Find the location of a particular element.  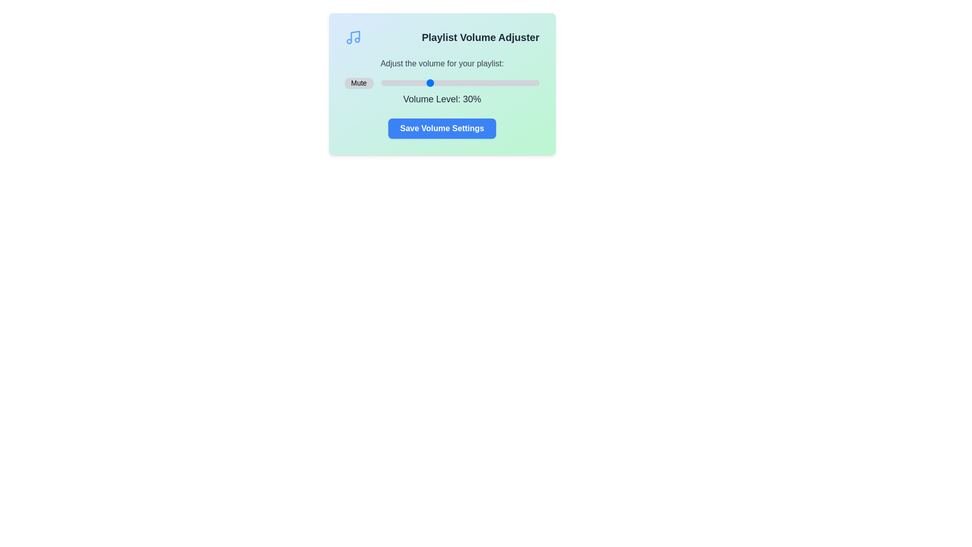

the decorative music icon is located at coordinates (353, 36).